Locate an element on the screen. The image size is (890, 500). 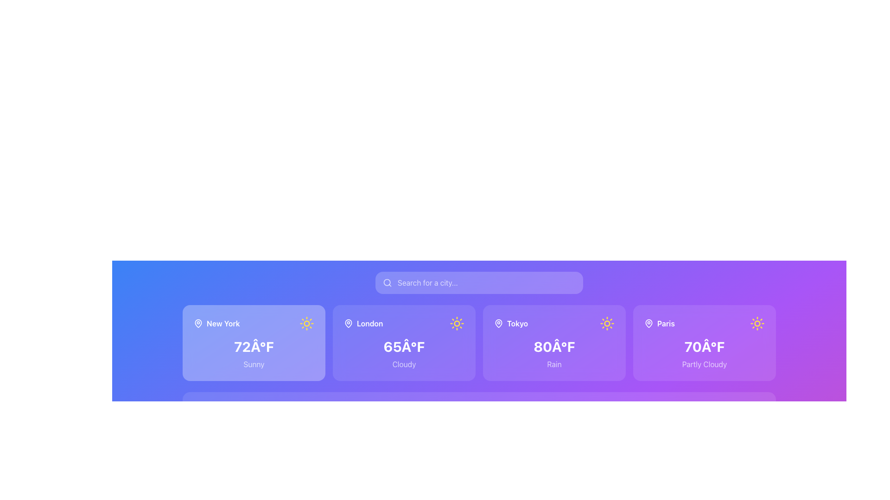
the label indicating the geographical location associated with the weather information in the first city weather card, located at the top-left section next to the location pin icon is located at coordinates (216, 323).